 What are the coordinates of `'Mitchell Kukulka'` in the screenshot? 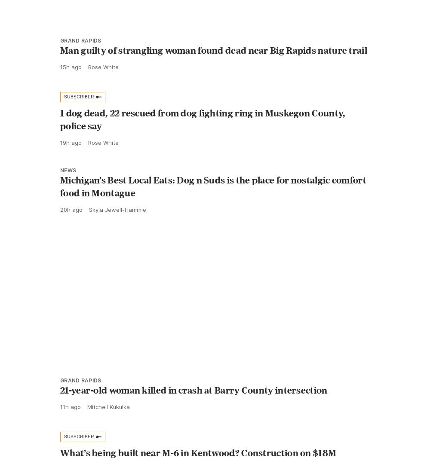 It's located at (108, 425).